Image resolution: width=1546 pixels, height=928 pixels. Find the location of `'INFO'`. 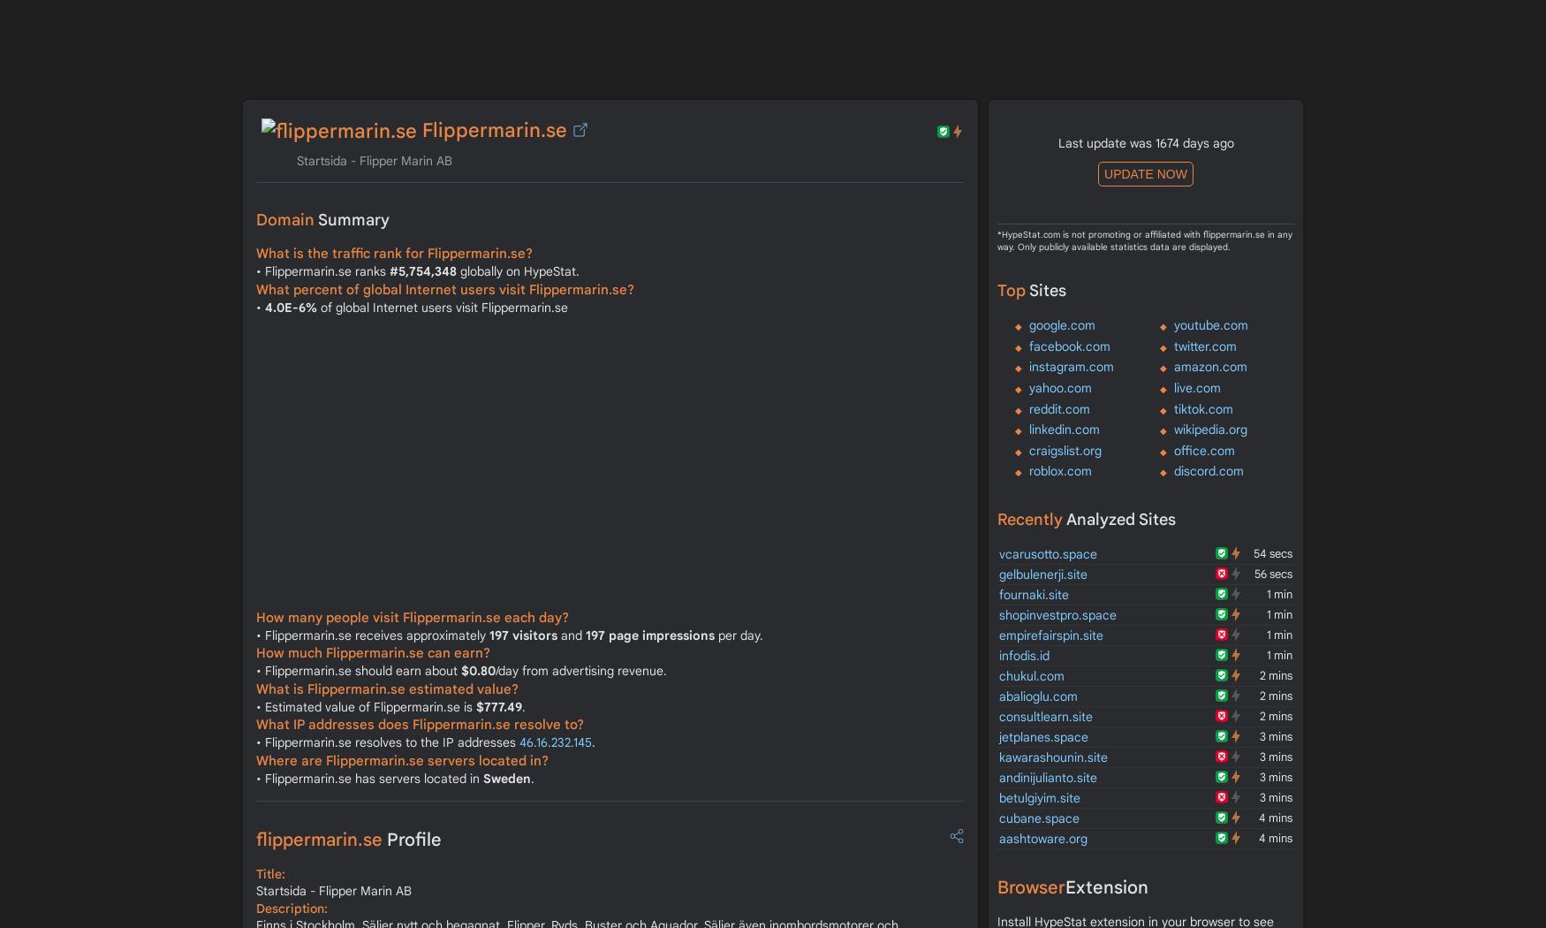

'INFO' is located at coordinates (368, 10).